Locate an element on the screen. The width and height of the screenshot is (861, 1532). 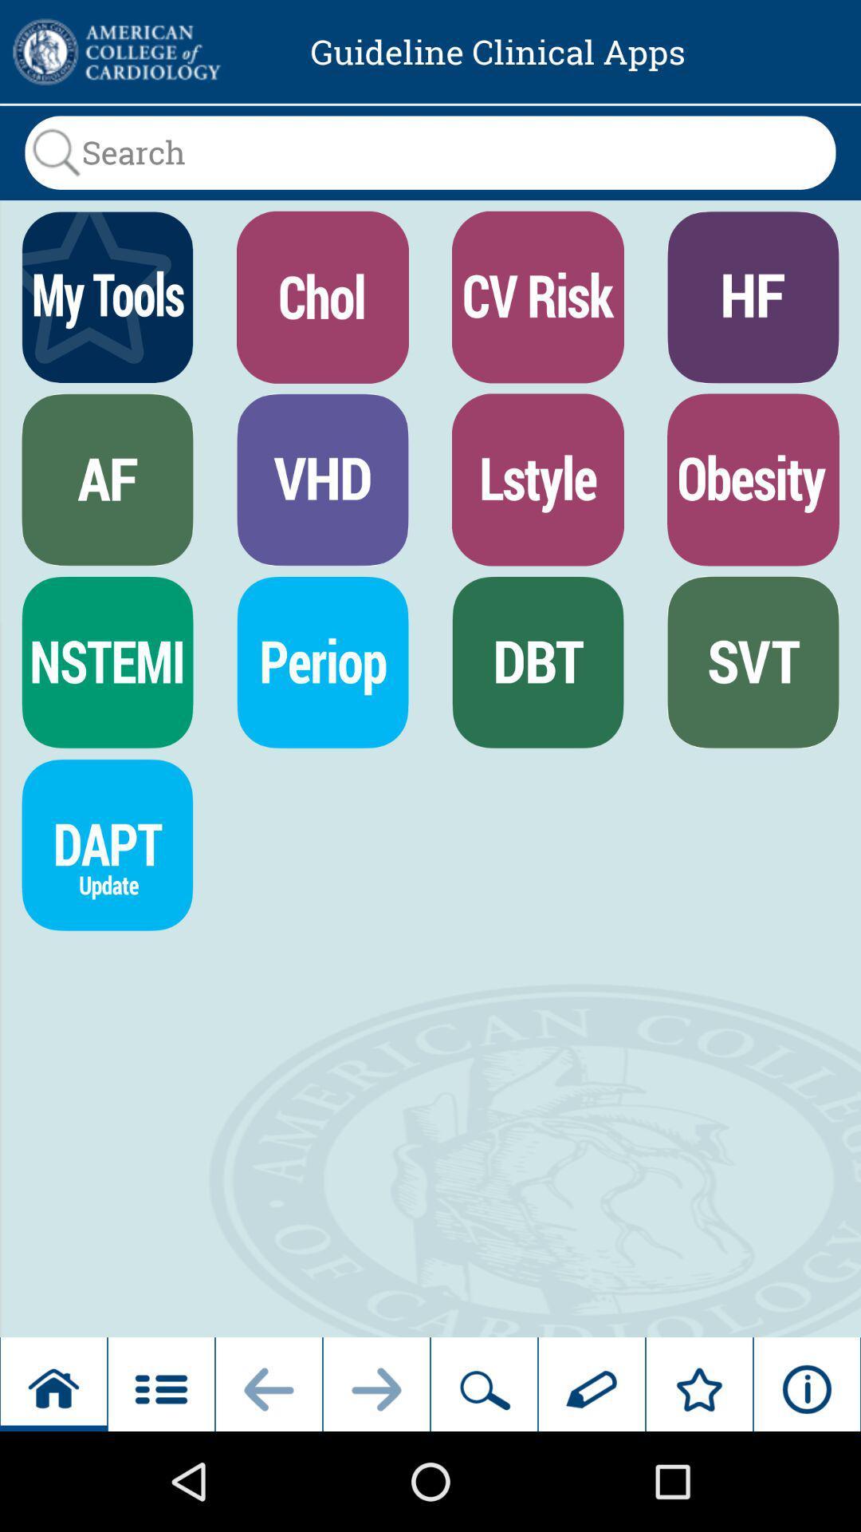
college logo is located at coordinates (115, 52).